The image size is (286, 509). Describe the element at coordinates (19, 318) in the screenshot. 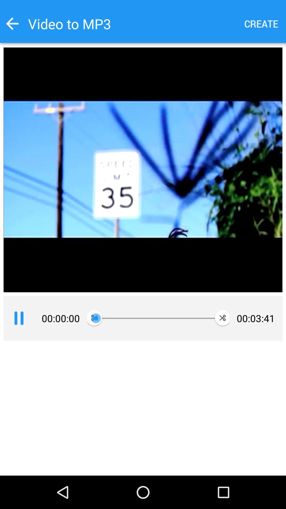

I see `click the button to pause the video` at that location.